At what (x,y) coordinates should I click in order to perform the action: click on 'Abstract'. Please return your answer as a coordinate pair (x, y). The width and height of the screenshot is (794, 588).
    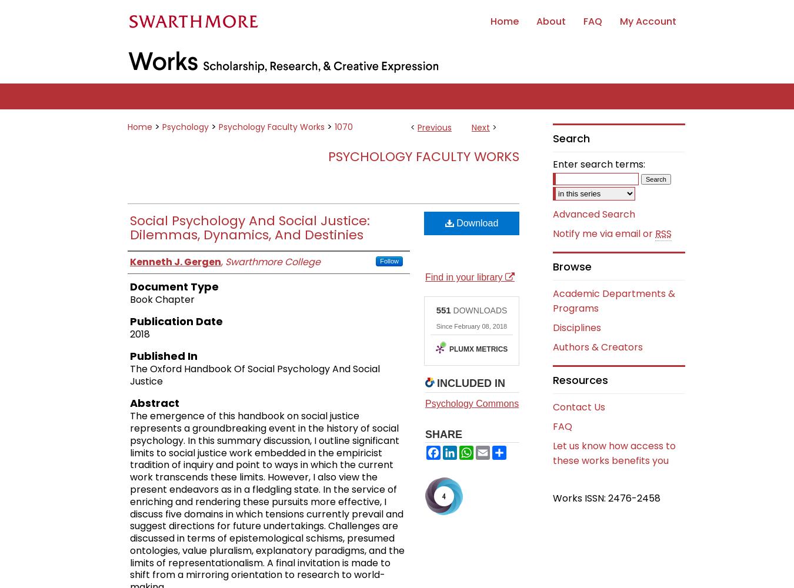
    Looking at the image, I should click on (154, 402).